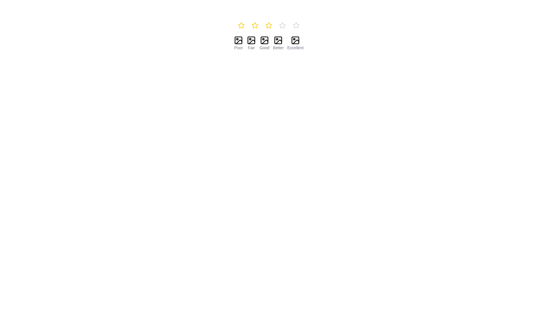 Image resolution: width=549 pixels, height=309 pixels. Describe the element at coordinates (264, 40) in the screenshot. I see `the rectangular part of the icon component that is centrally positioned within the image icon representing the 'Good' rating` at that location.